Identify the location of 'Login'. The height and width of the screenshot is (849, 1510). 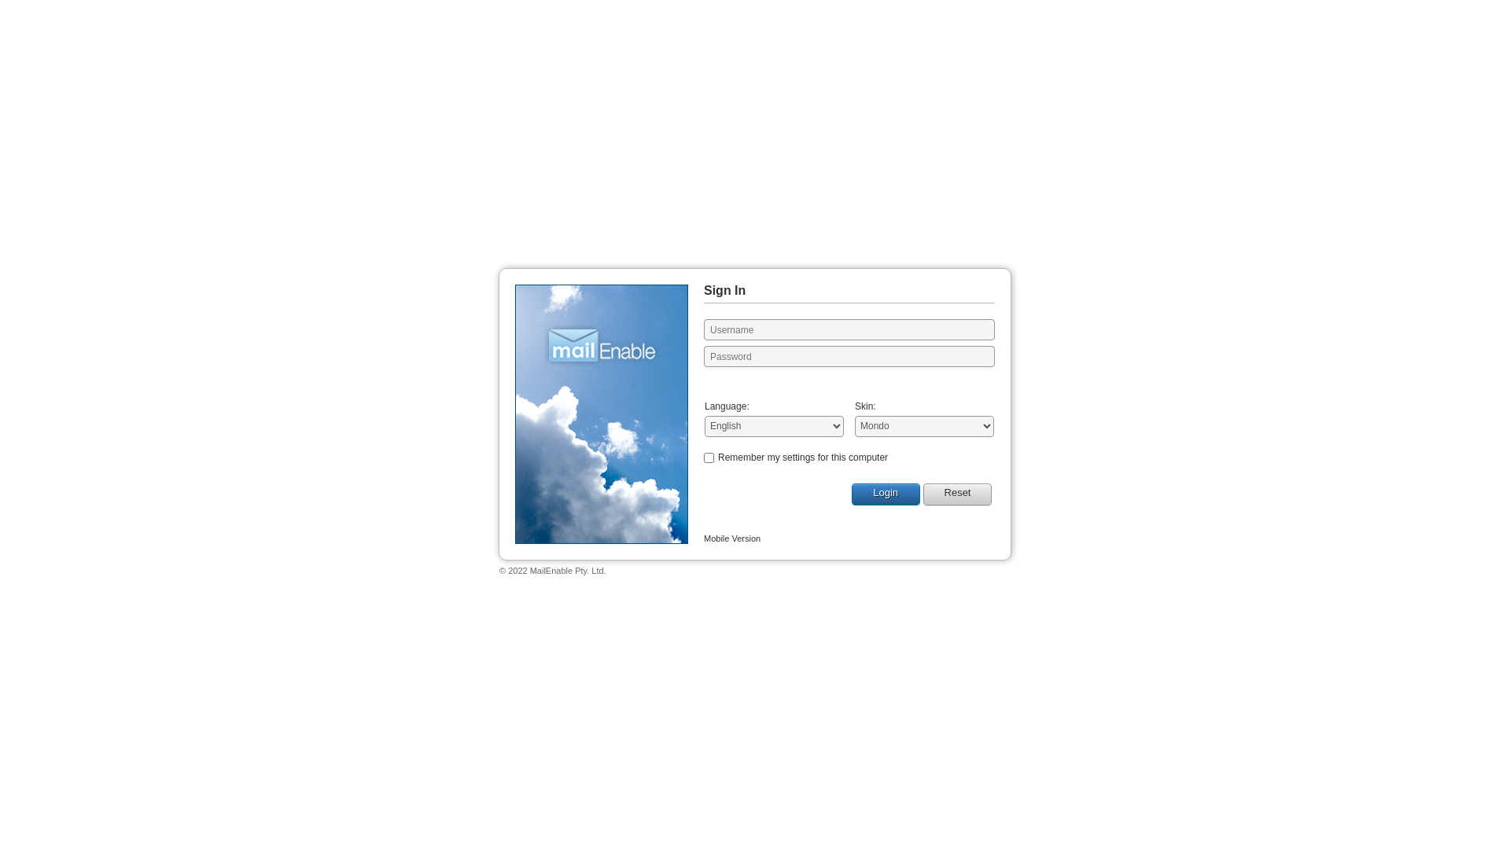
(886, 493).